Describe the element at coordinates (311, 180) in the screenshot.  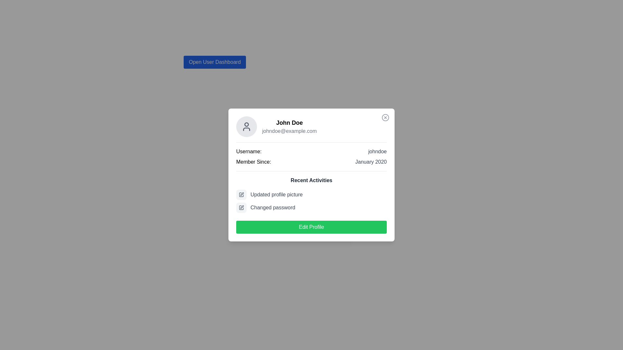
I see `the static text label displaying 'Recent Activities', which is styled in bold dark gray and positioned centrally above the list of recent activities` at that location.